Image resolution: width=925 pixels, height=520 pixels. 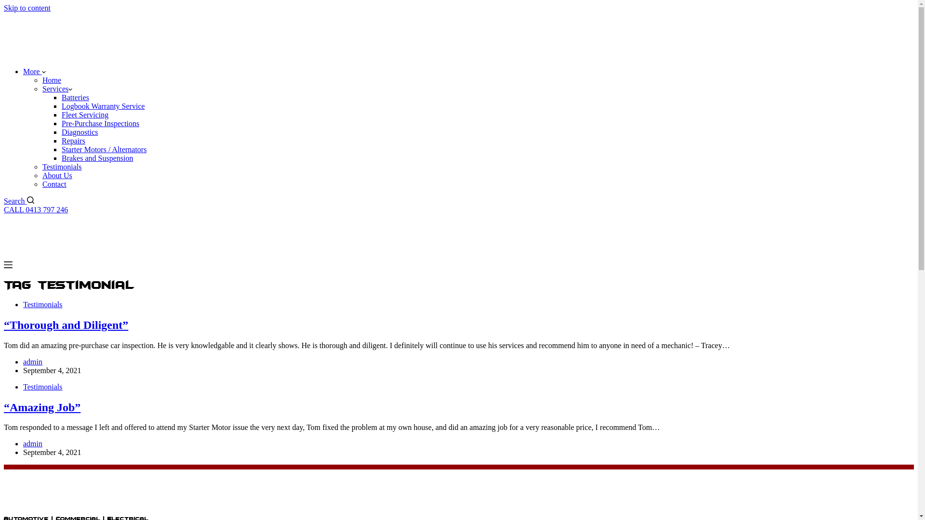 I want to click on 'Skip to content', so click(x=27, y=8).